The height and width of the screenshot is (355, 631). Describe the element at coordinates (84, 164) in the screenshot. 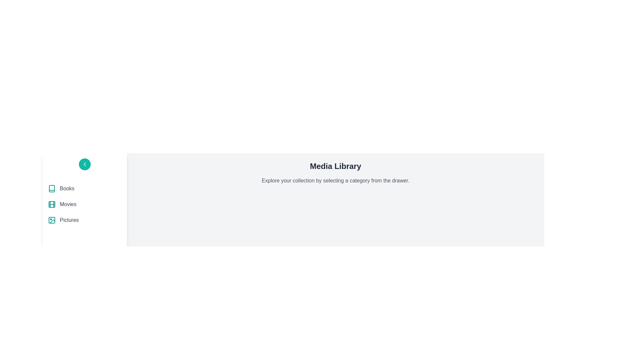

I see `toggle button to toggle the drawer open or closed` at that location.